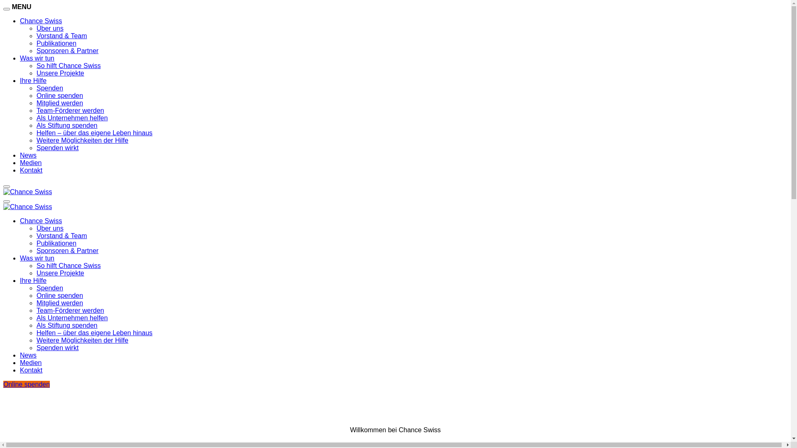 The width and height of the screenshot is (797, 448). I want to click on 'Mitglied werden', so click(59, 303).